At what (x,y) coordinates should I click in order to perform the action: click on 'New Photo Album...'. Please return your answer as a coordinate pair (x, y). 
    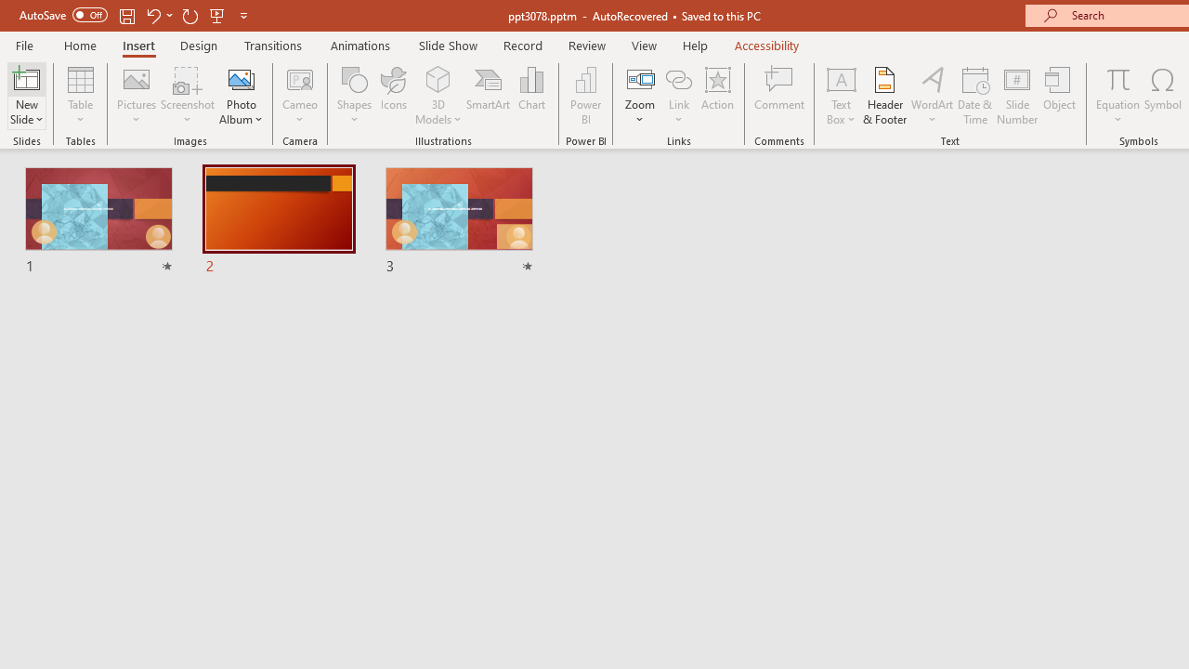
    Looking at the image, I should click on (240, 78).